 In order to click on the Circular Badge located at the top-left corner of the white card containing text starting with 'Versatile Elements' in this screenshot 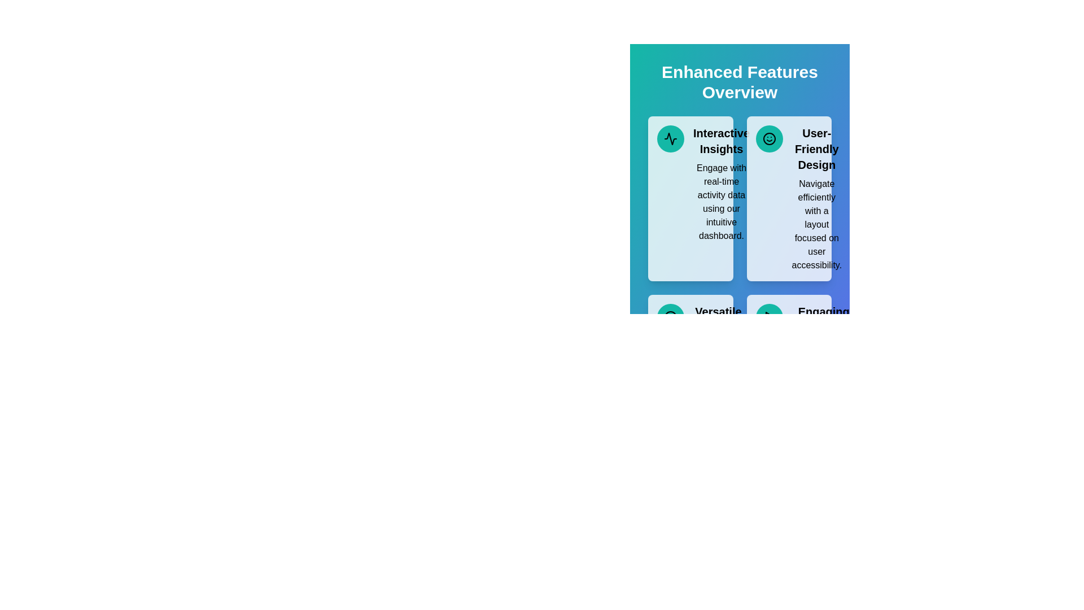, I will do `click(671, 317)`.